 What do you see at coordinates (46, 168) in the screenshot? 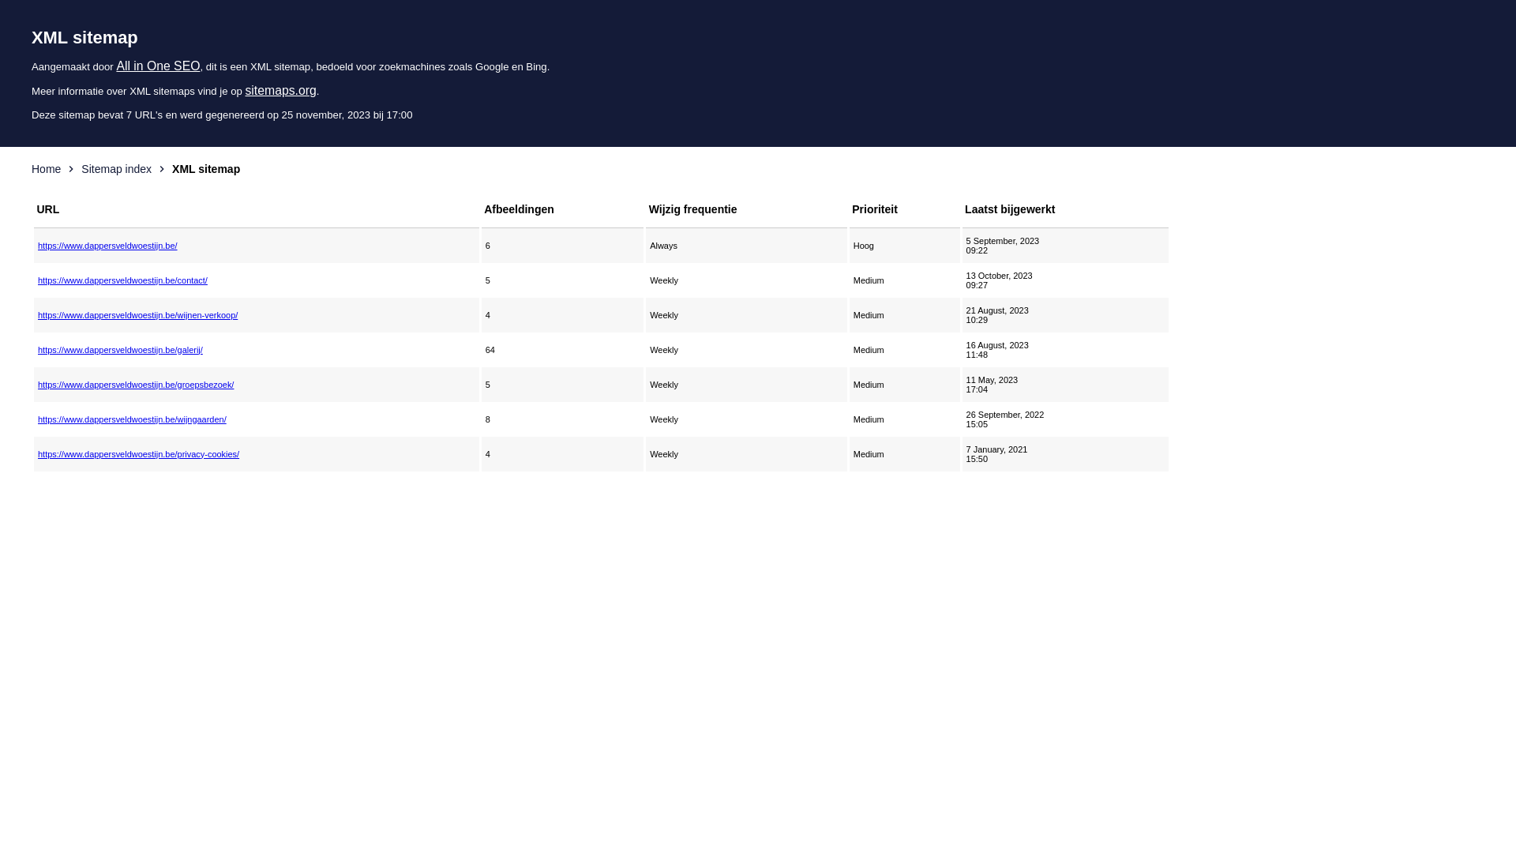
I see `'Home'` at bounding box center [46, 168].